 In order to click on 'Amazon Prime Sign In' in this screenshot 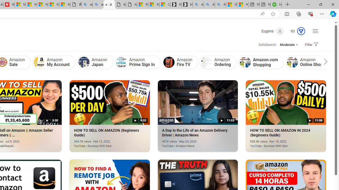, I will do `click(137, 62)`.